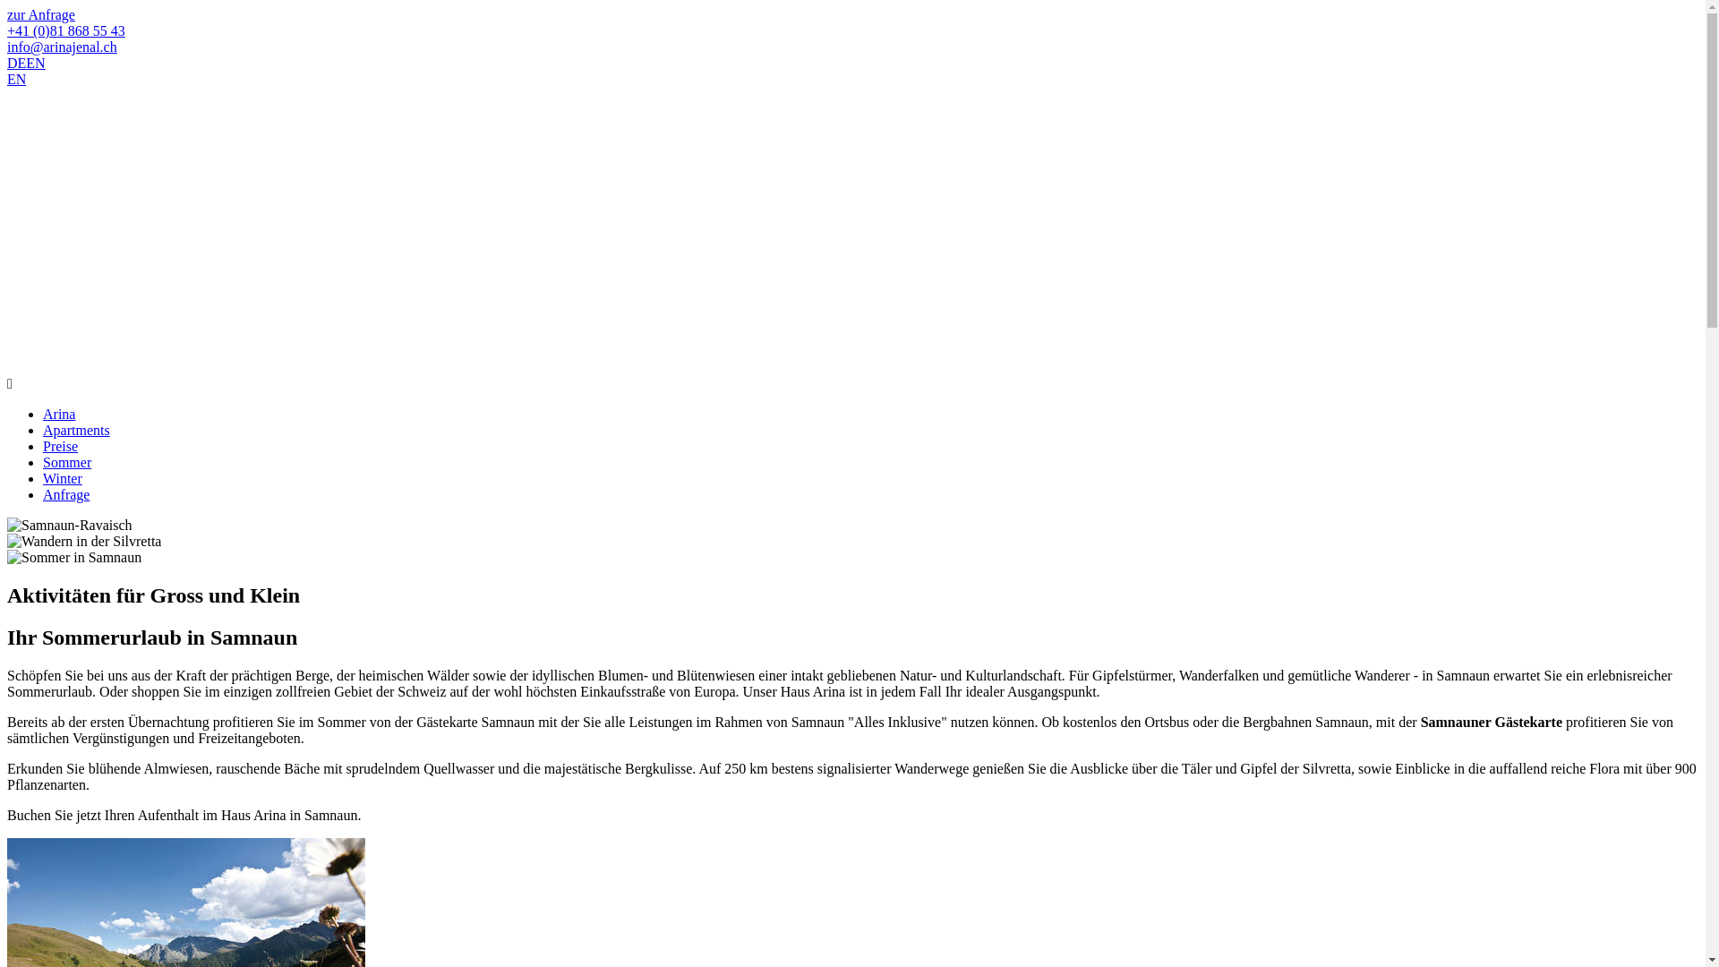  Describe the element at coordinates (65, 30) in the screenshot. I see `'+41 (0)81 868 55 43'` at that location.